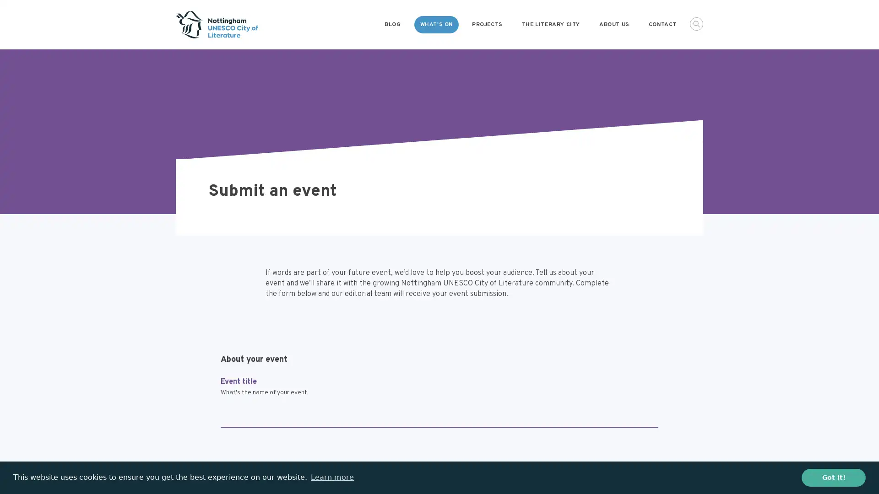  What do you see at coordinates (833, 477) in the screenshot?
I see `dismiss cookie message` at bounding box center [833, 477].